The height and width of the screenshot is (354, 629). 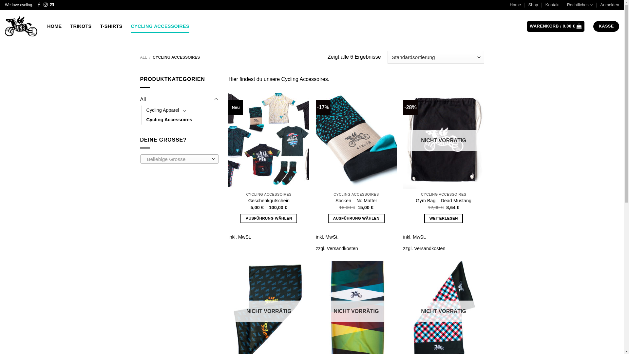 I want to click on 'Home', so click(x=515, y=5).